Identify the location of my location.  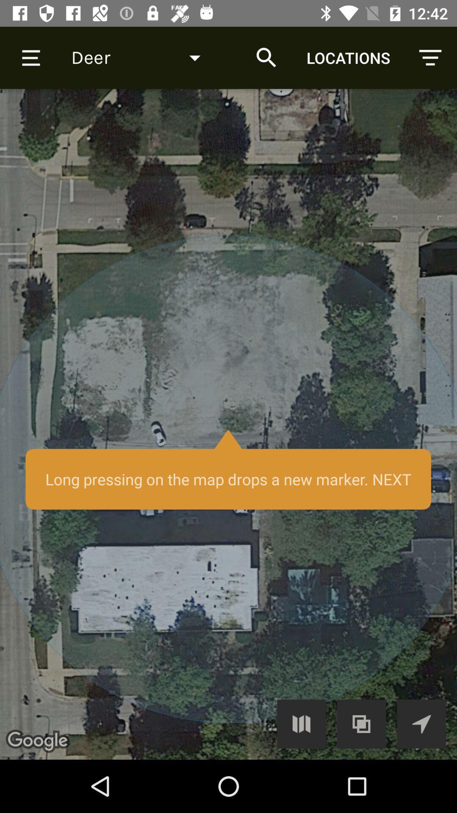
(421, 723).